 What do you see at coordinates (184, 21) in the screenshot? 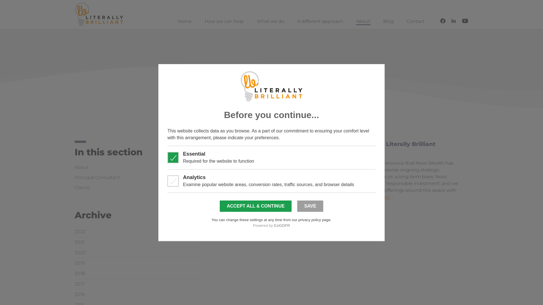
I see `'Home'` at bounding box center [184, 21].